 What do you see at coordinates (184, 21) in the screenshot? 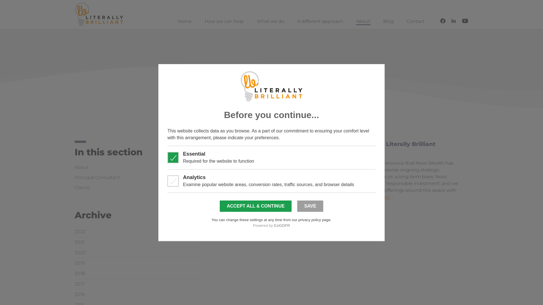
I see `'Home'` at bounding box center [184, 21].